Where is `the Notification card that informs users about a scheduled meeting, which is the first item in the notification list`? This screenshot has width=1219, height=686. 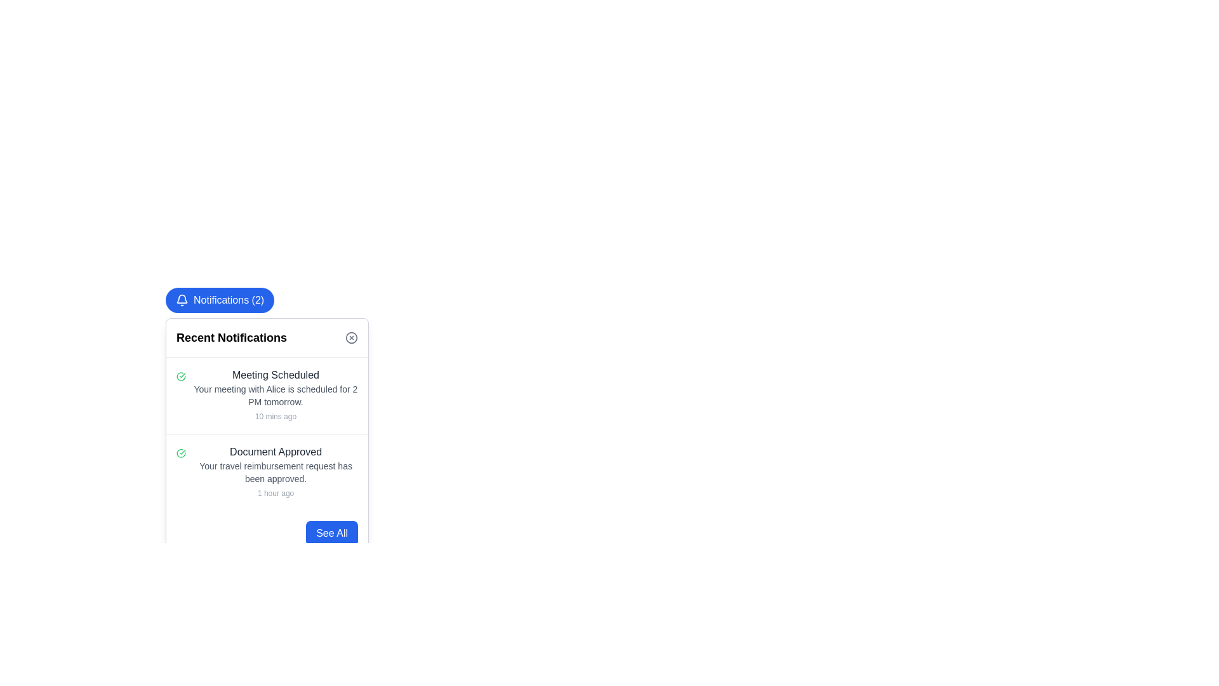
the Notification card that informs users about a scheduled meeting, which is the first item in the notification list is located at coordinates (267, 395).